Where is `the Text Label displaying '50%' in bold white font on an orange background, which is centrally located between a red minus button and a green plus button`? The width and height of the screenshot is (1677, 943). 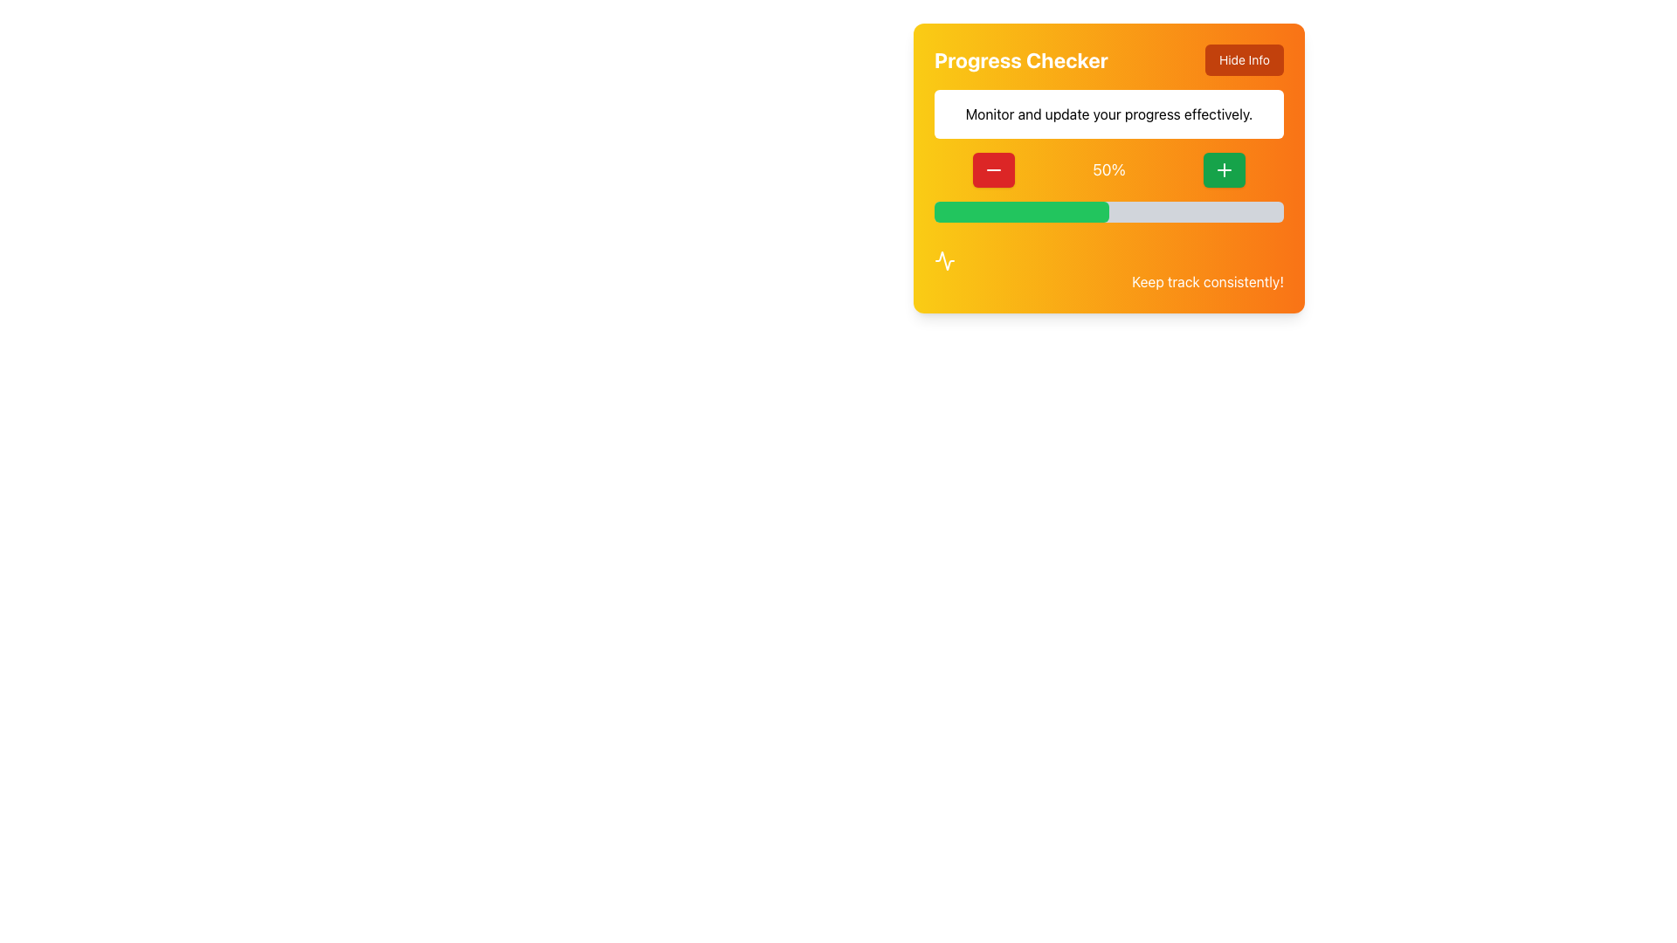
the Text Label displaying '50%' in bold white font on an orange background, which is centrally located between a red minus button and a green plus button is located at coordinates (1108, 170).